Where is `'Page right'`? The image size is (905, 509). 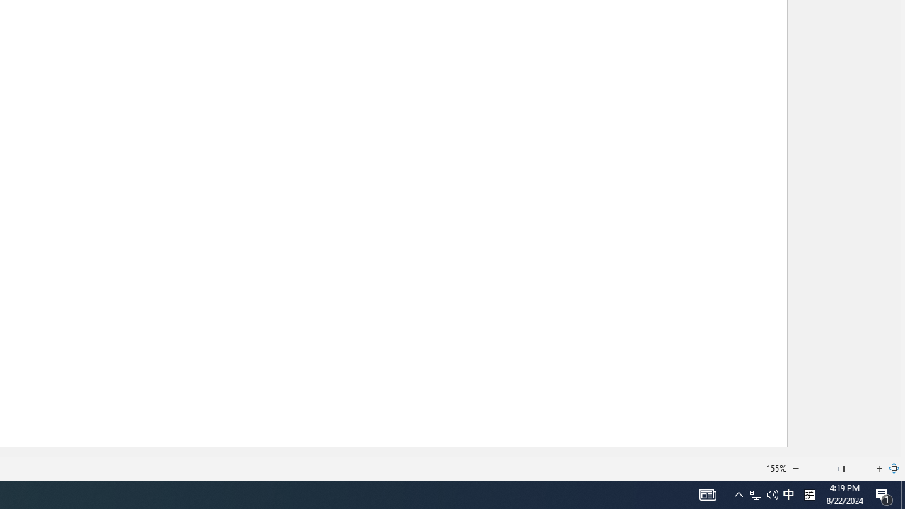 'Page right' is located at coordinates (858, 469).